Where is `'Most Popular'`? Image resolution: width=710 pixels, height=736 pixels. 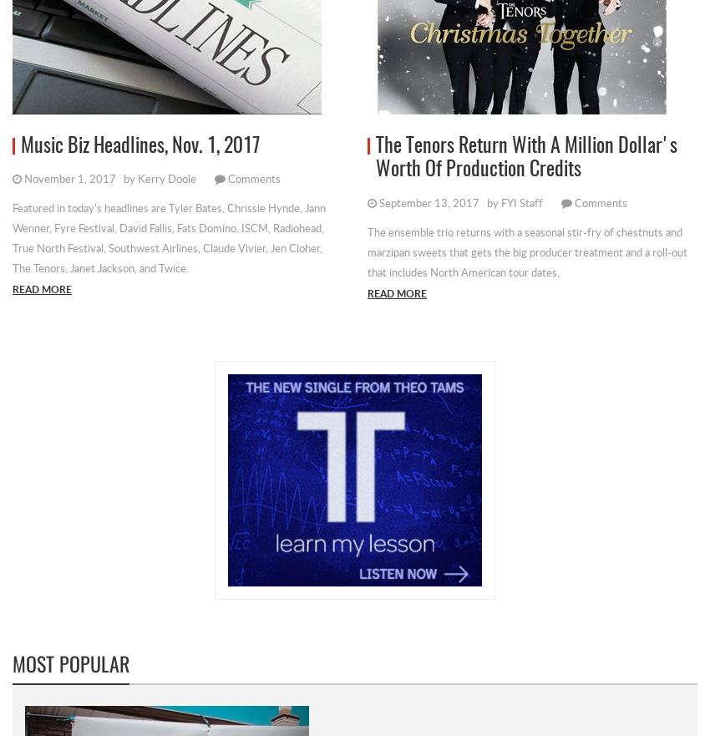 'Most Popular' is located at coordinates (11, 662).